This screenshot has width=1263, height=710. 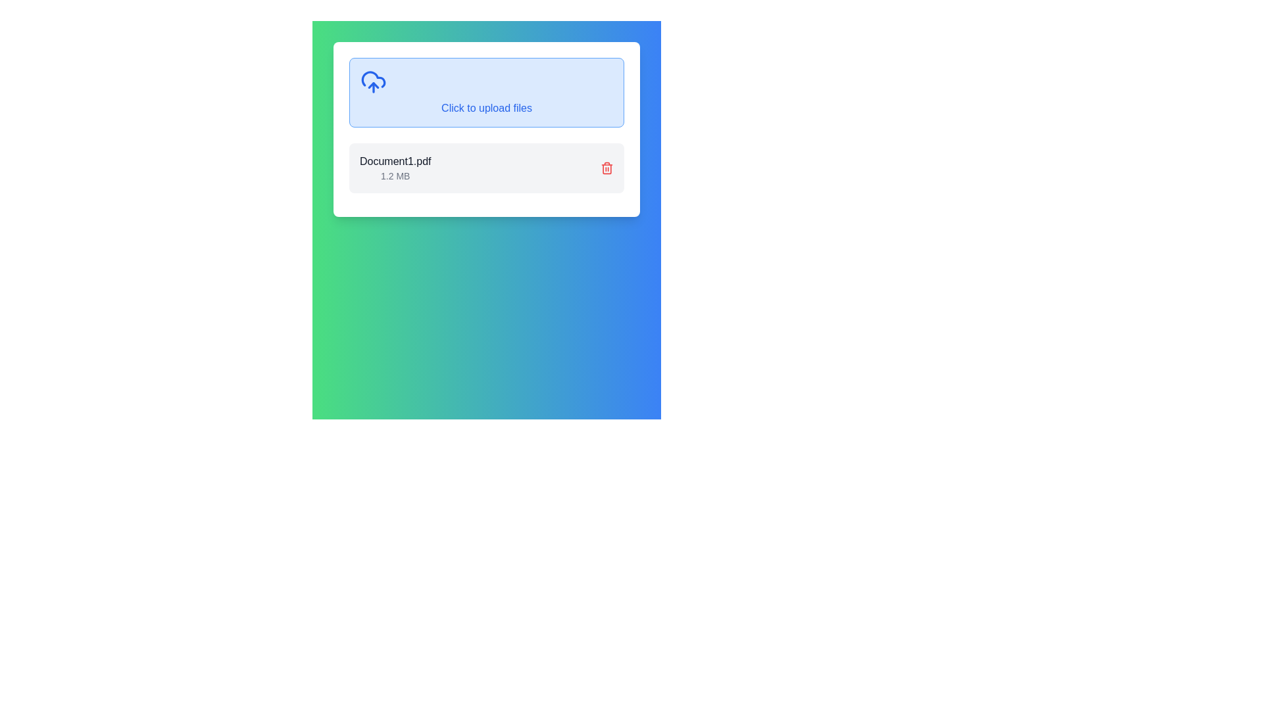 I want to click on the trash can icon located at the far-right end next to the text 'Document1.pdf', so click(x=606, y=167).